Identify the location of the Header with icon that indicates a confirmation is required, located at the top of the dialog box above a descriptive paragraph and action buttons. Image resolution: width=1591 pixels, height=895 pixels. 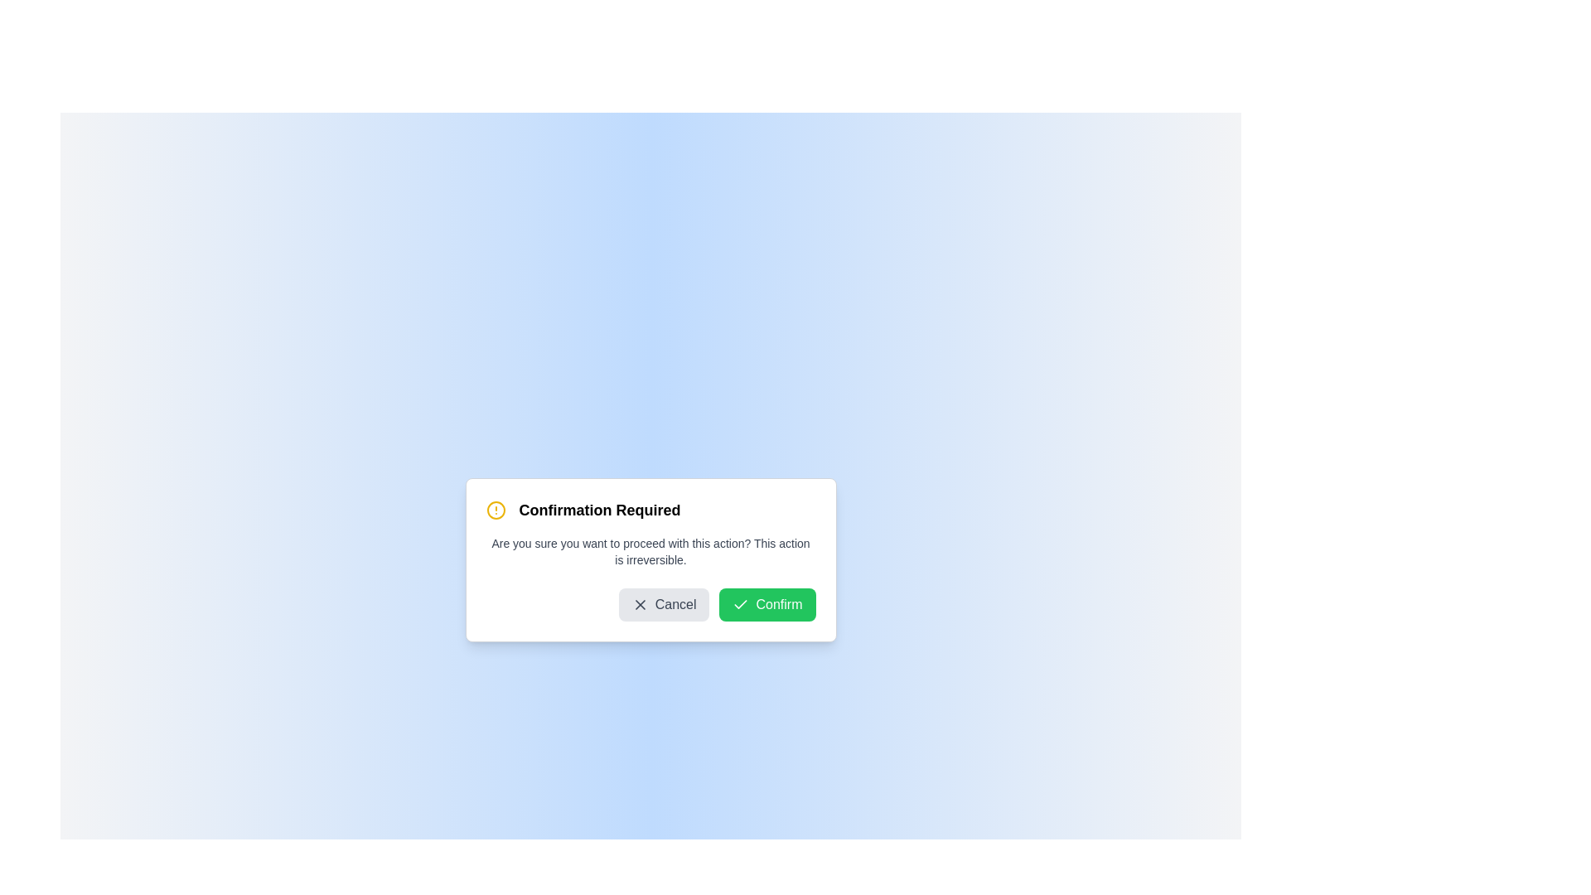
(650, 510).